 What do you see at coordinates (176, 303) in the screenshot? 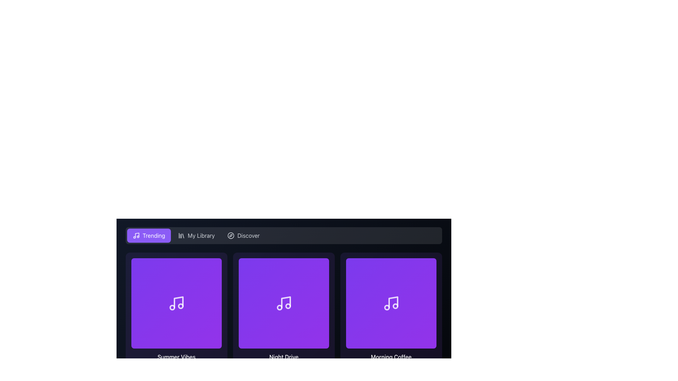
I see `the music note icon with a purple background located in the first card of the 'Trending' section` at bounding box center [176, 303].